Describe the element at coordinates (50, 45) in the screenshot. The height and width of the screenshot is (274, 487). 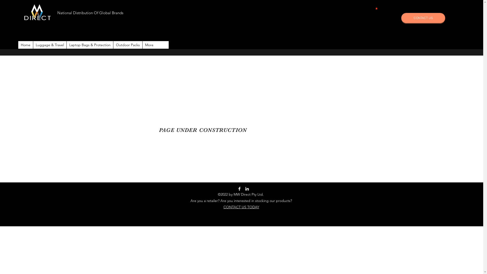
I see `'Luggage & Travel'` at that location.